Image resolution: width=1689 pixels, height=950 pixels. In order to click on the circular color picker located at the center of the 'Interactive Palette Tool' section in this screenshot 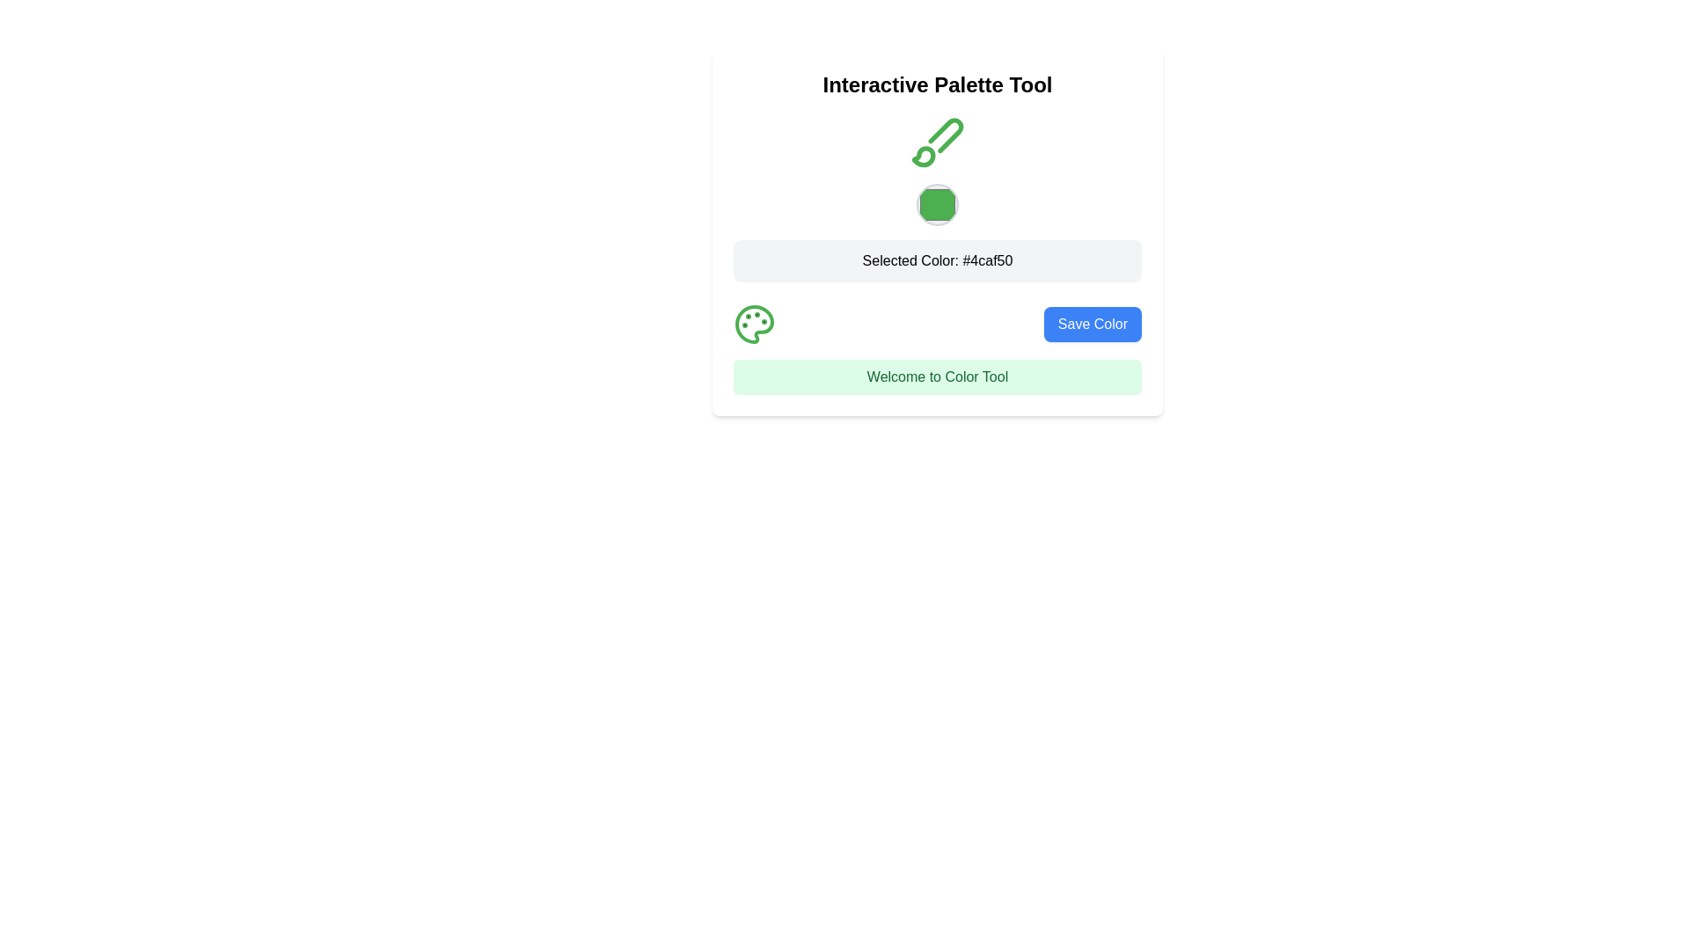, I will do `click(936, 197)`.